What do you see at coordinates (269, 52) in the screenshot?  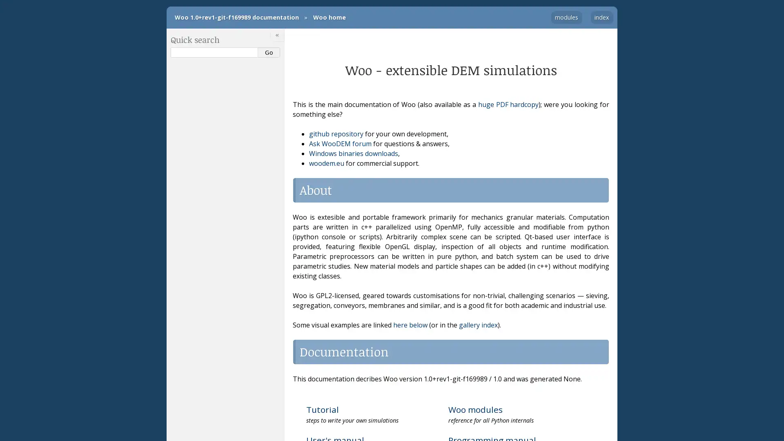 I see `Go` at bounding box center [269, 52].